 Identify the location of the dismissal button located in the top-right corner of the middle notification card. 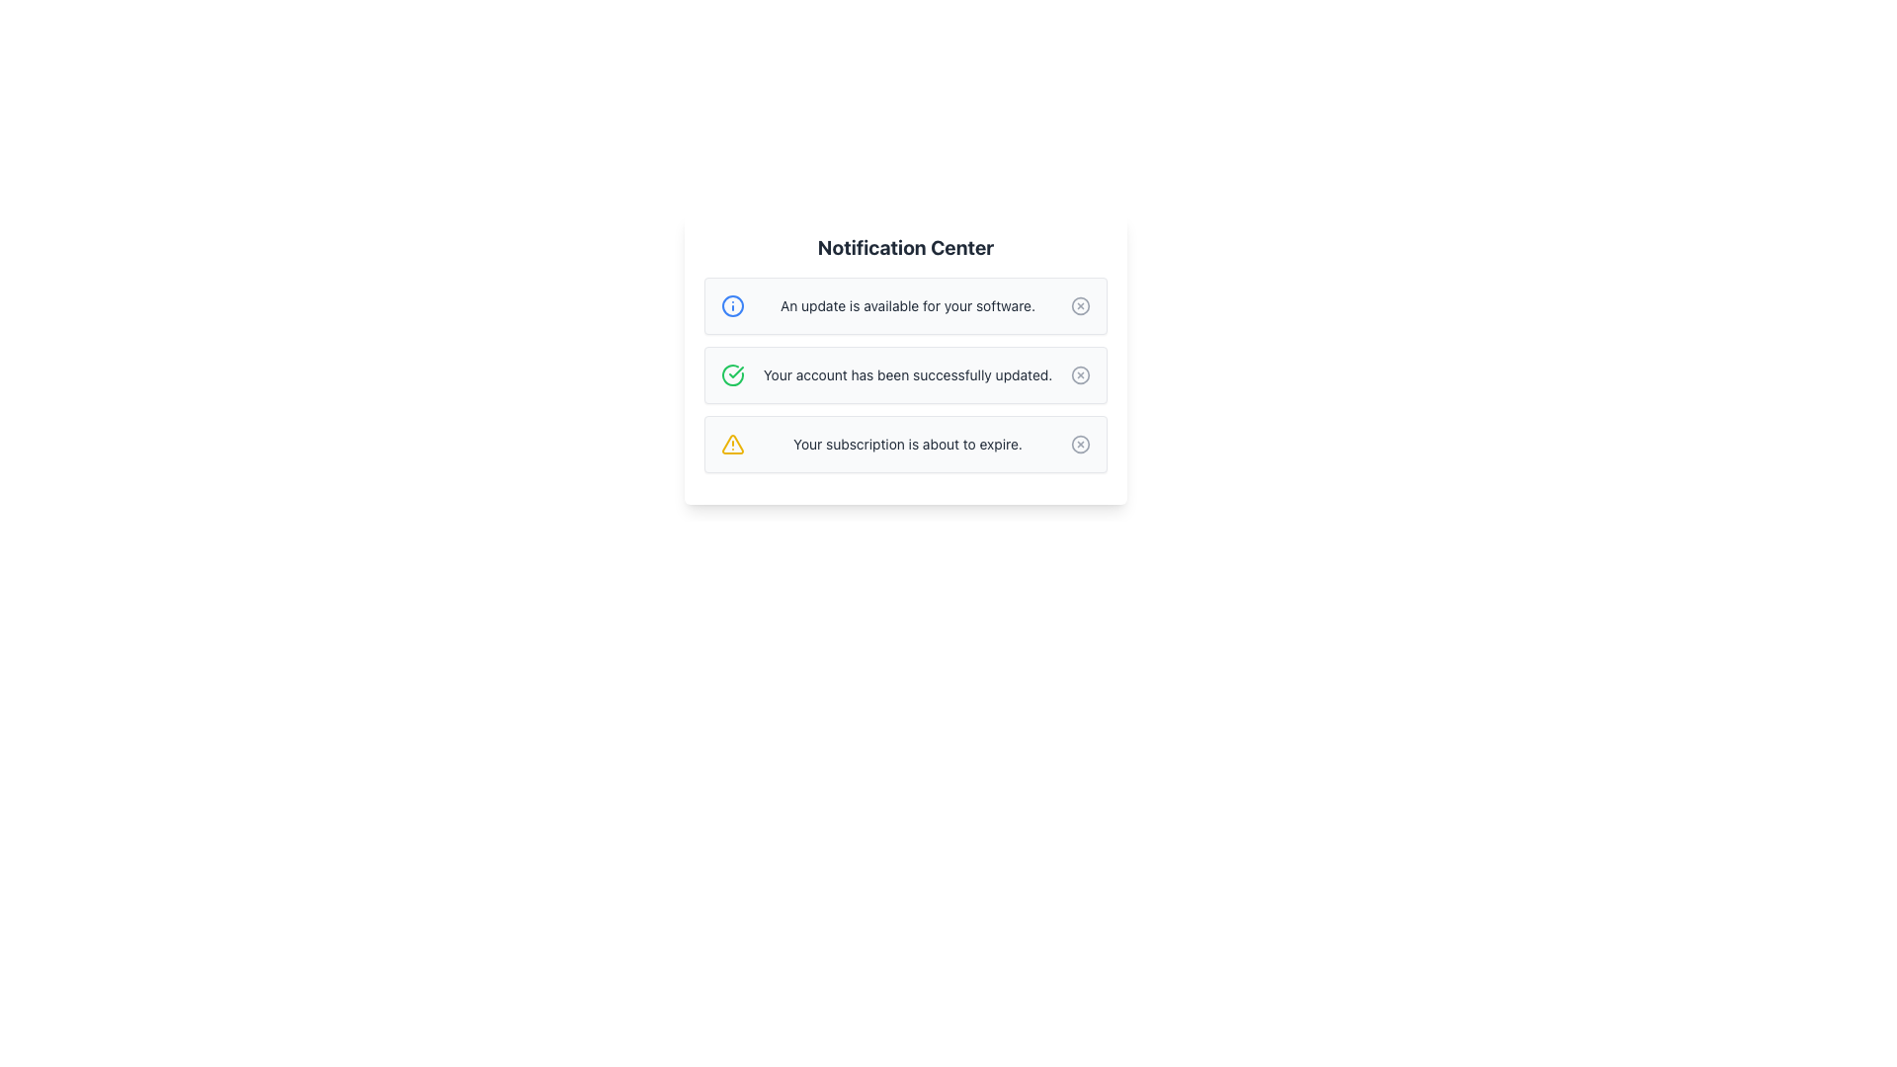
(1080, 375).